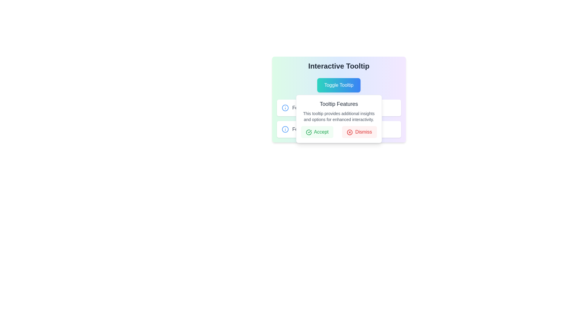 The height and width of the screenshot is (322, 573). What do you see at coordinates (349, 132) in the screenshot?
I see `the dismiss icon located to the right side of the 'Dismiss' button in the interactive tooltip, which is part of the red-dismiss styled button group` at bounding box center [349, 132].